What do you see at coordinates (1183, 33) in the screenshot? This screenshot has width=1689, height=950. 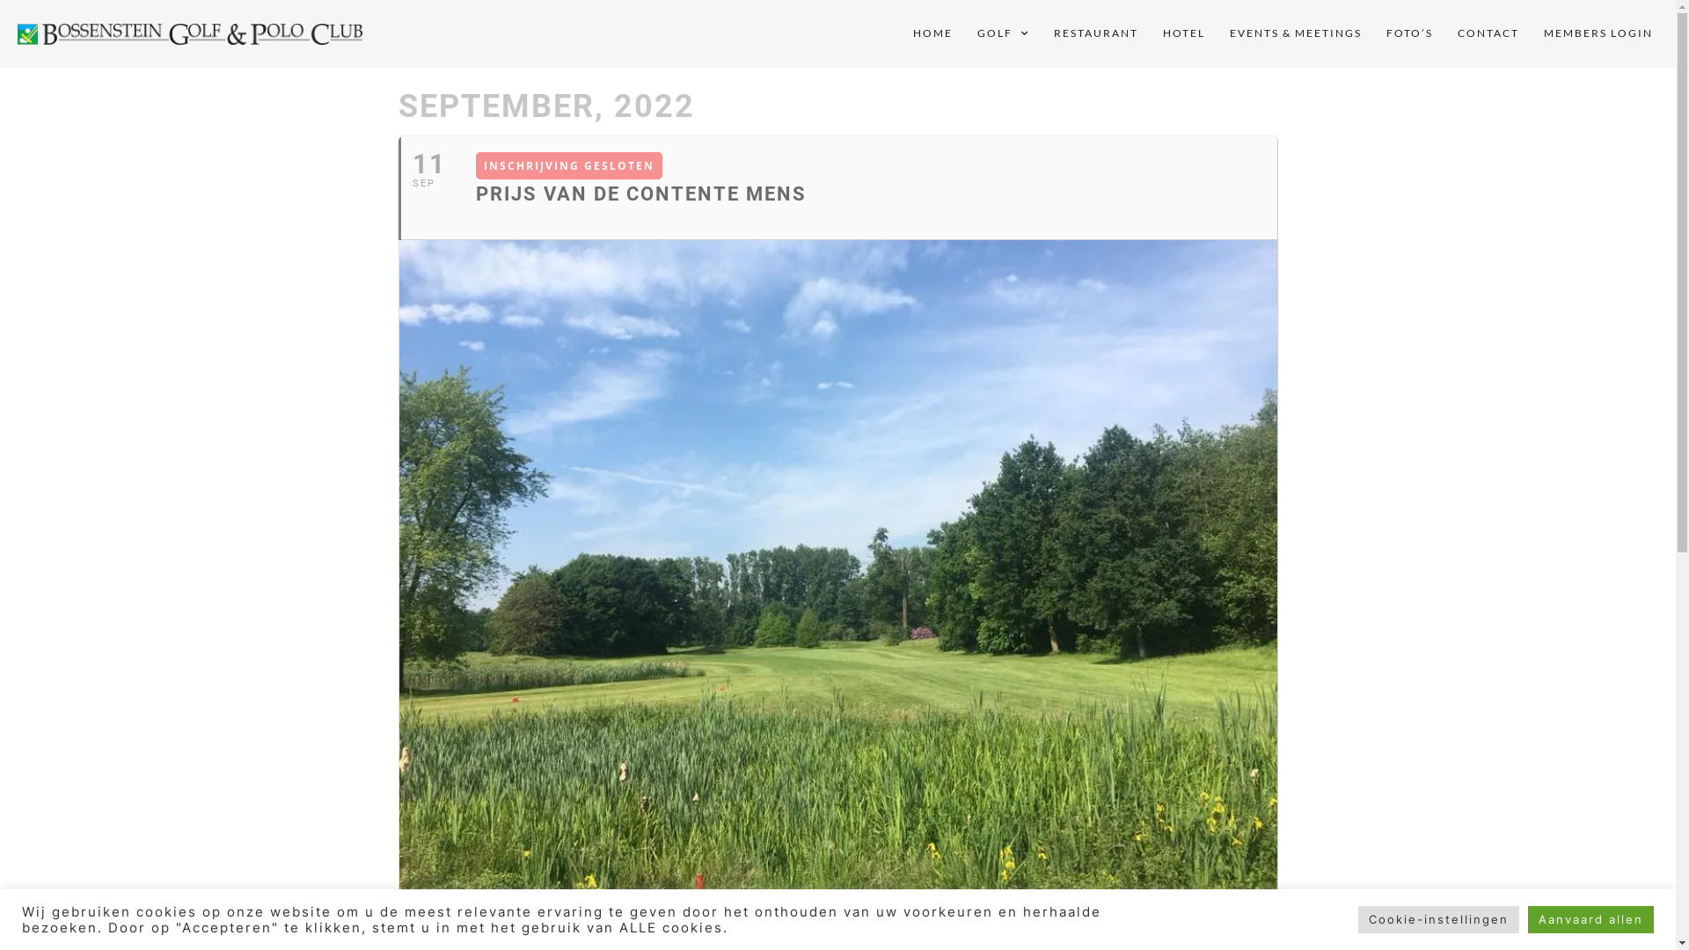 I see `'HOTEL'` at bounding box center [1183, 33].